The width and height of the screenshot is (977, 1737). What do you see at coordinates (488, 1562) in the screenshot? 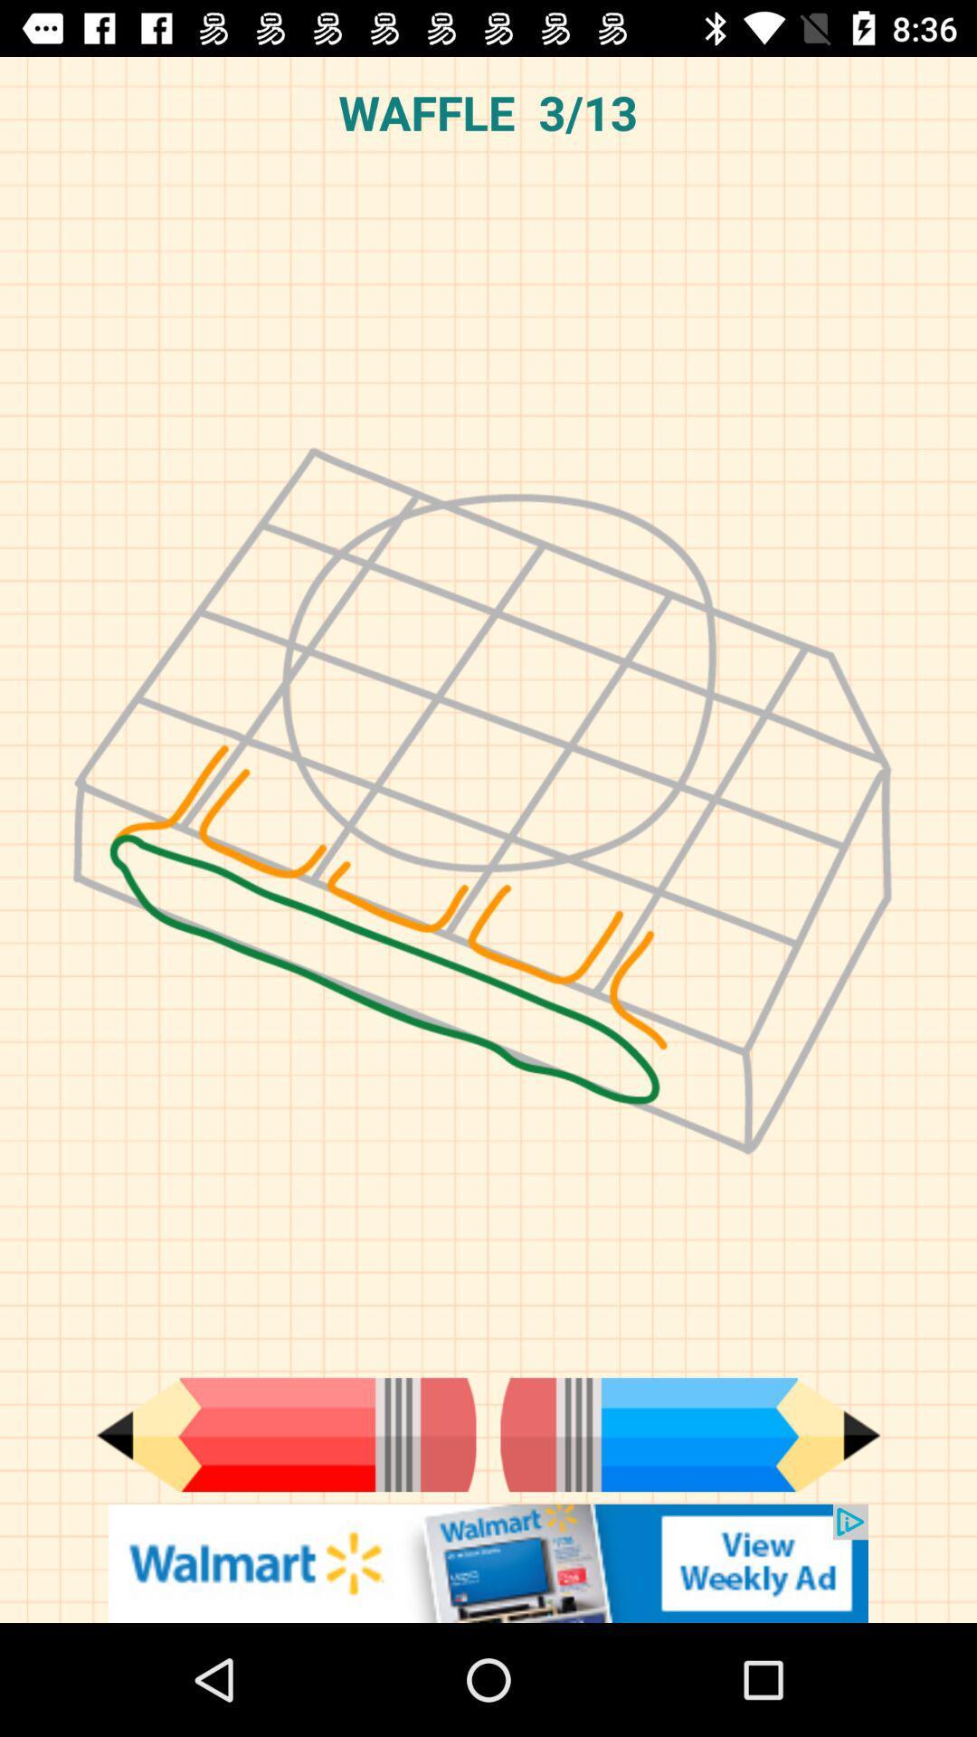
I see `goes to advertisement` at bounding box center [488, 1562].